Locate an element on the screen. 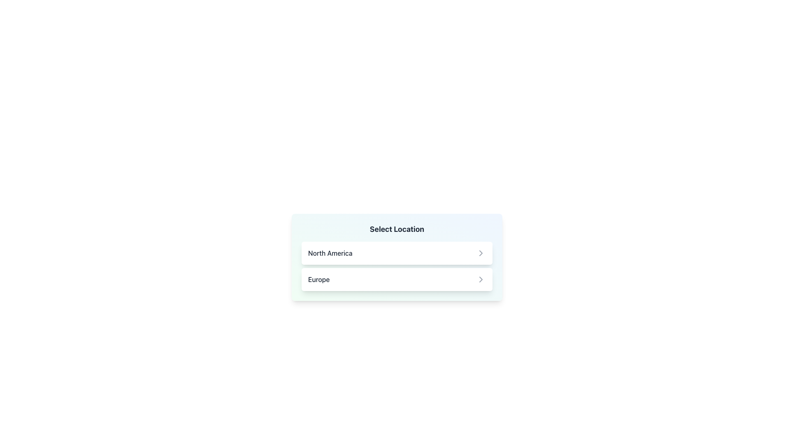 The width and height of the screenshot is (790, 444). the first selectable item in the location selection menu, which is labeled 'North America', using keyboard focus is located at coordinates (397, 253).